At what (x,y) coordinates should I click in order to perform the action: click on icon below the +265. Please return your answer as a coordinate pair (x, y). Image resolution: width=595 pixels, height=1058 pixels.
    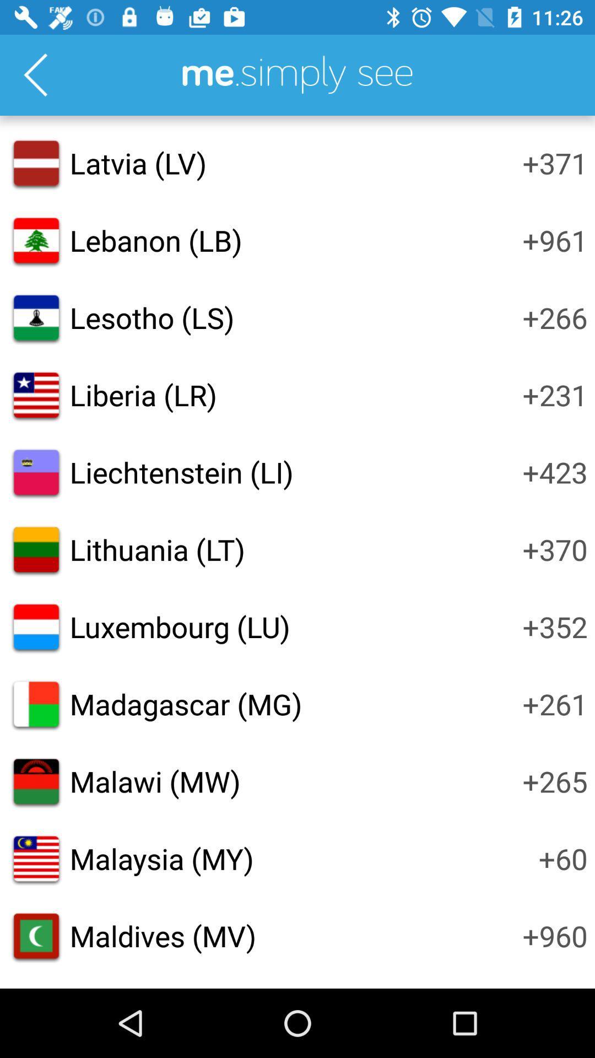
    Looking at the image, I should click on (563, 858).